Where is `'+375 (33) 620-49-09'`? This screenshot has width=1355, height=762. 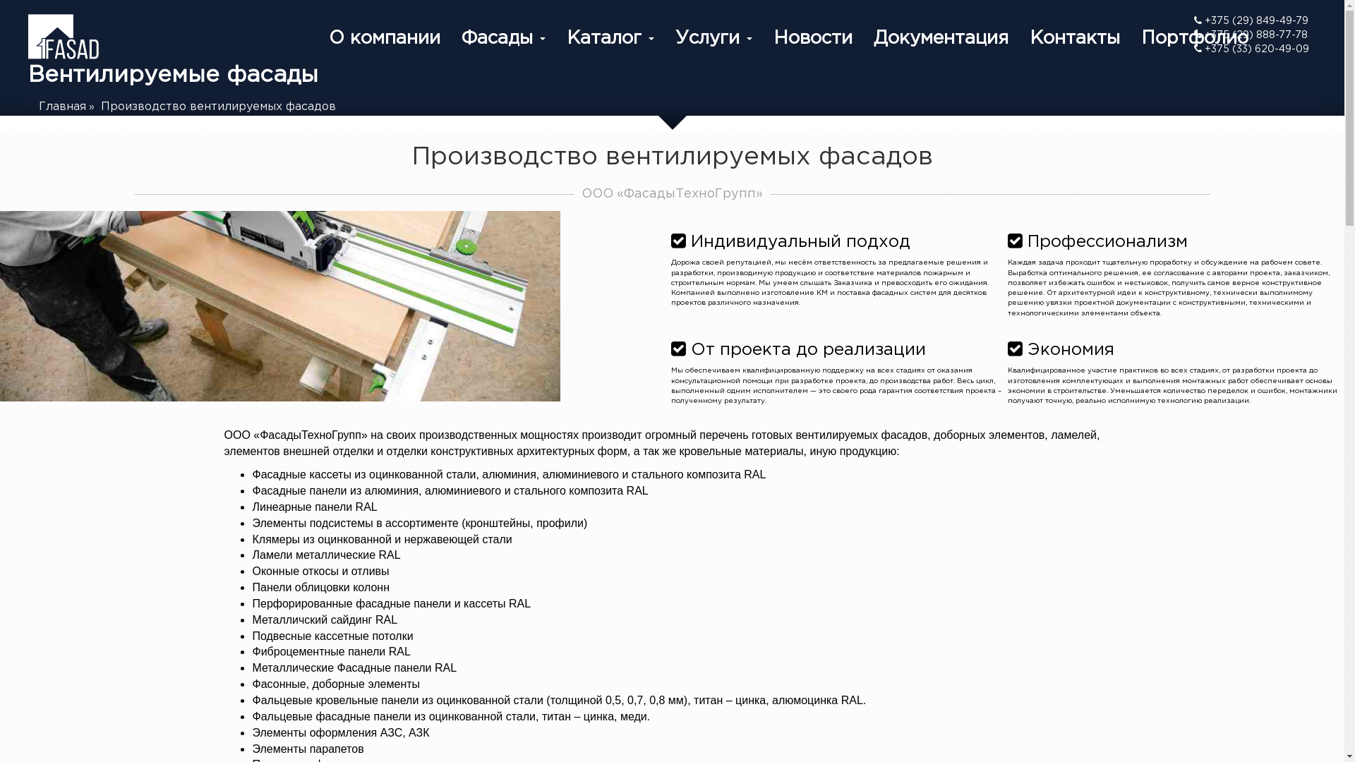 '+375 (33) 620-49-09' is located at coordinates (1193, 48).